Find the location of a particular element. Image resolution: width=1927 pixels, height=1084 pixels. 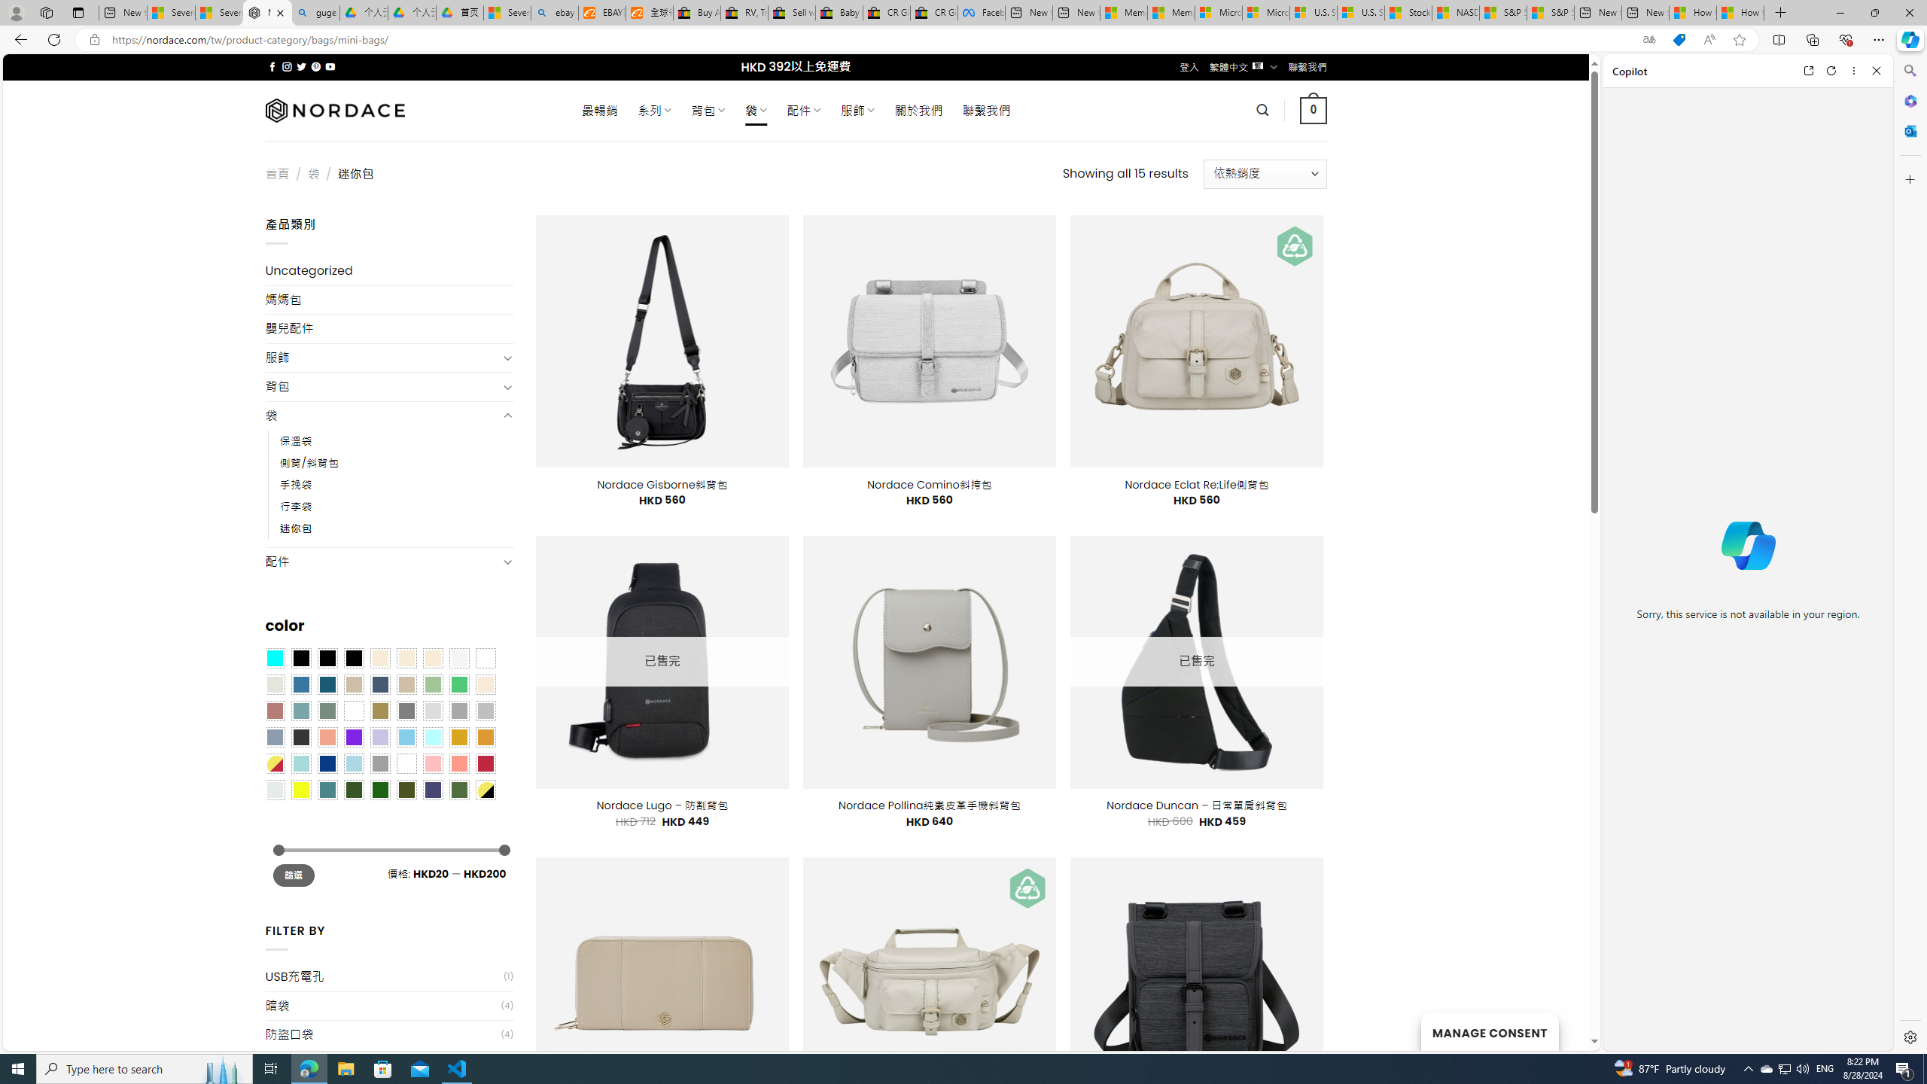

'Microsoft 365' is located at coordinates (1908, 101).